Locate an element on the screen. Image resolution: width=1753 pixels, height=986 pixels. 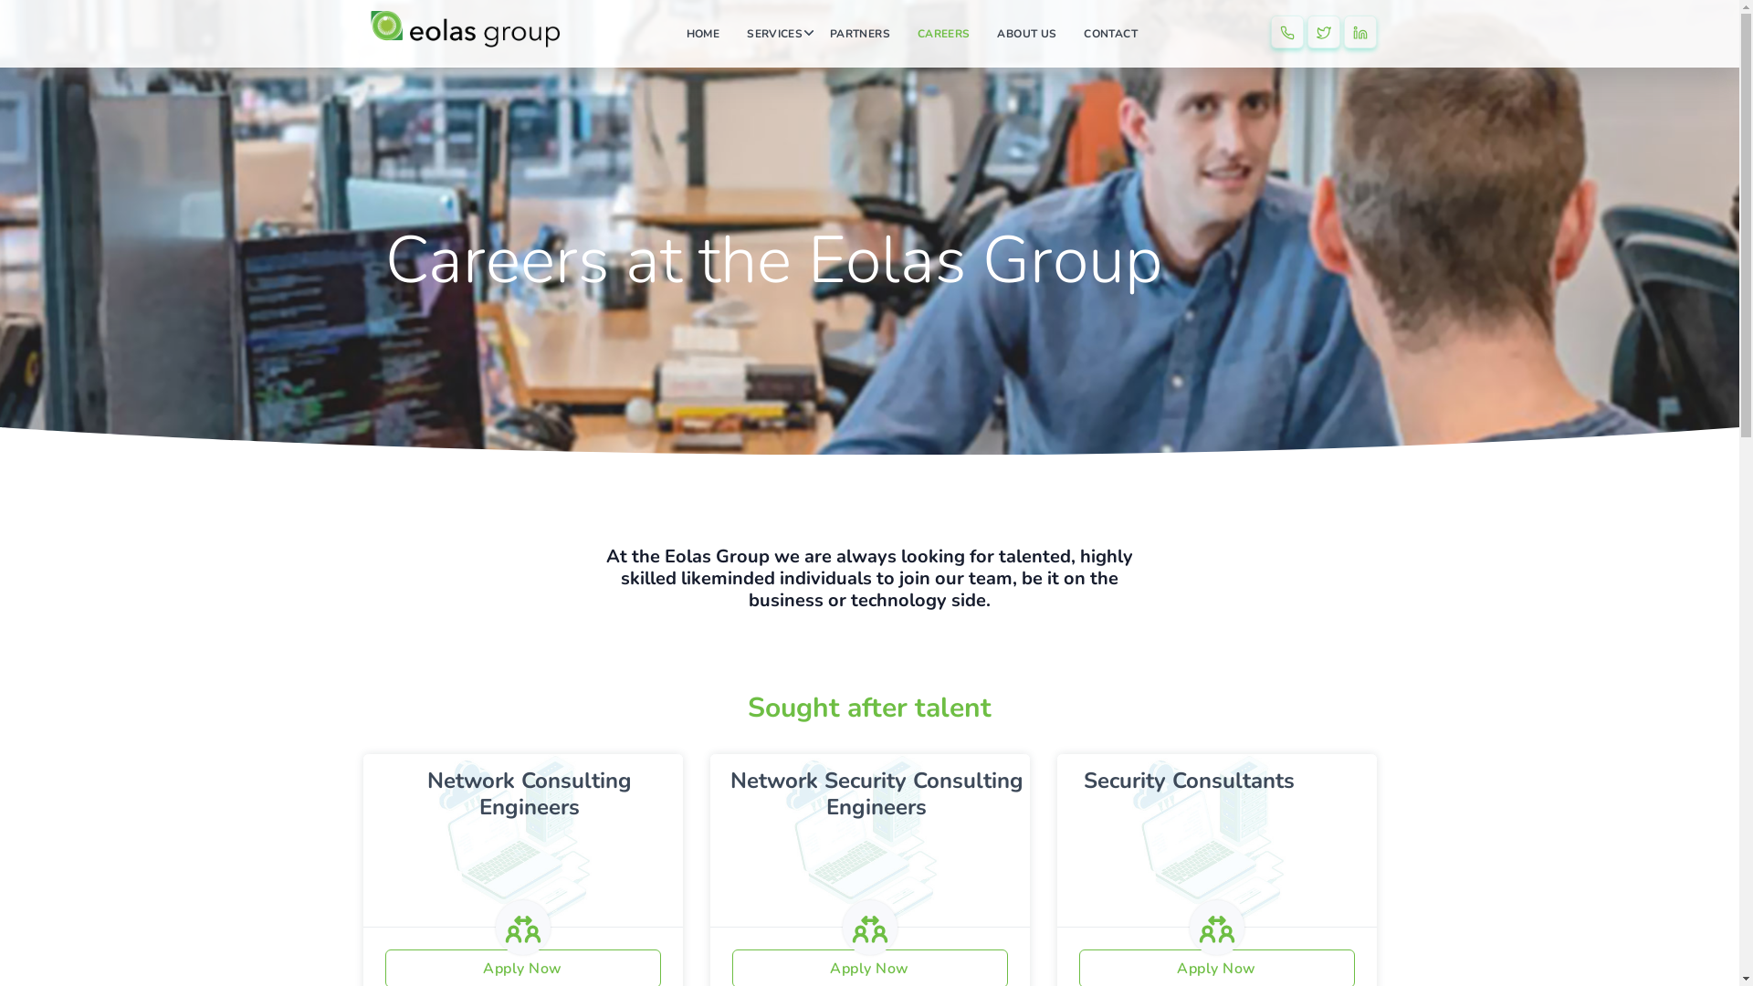
'PARTNERS' is located at coordinates (858, 34).